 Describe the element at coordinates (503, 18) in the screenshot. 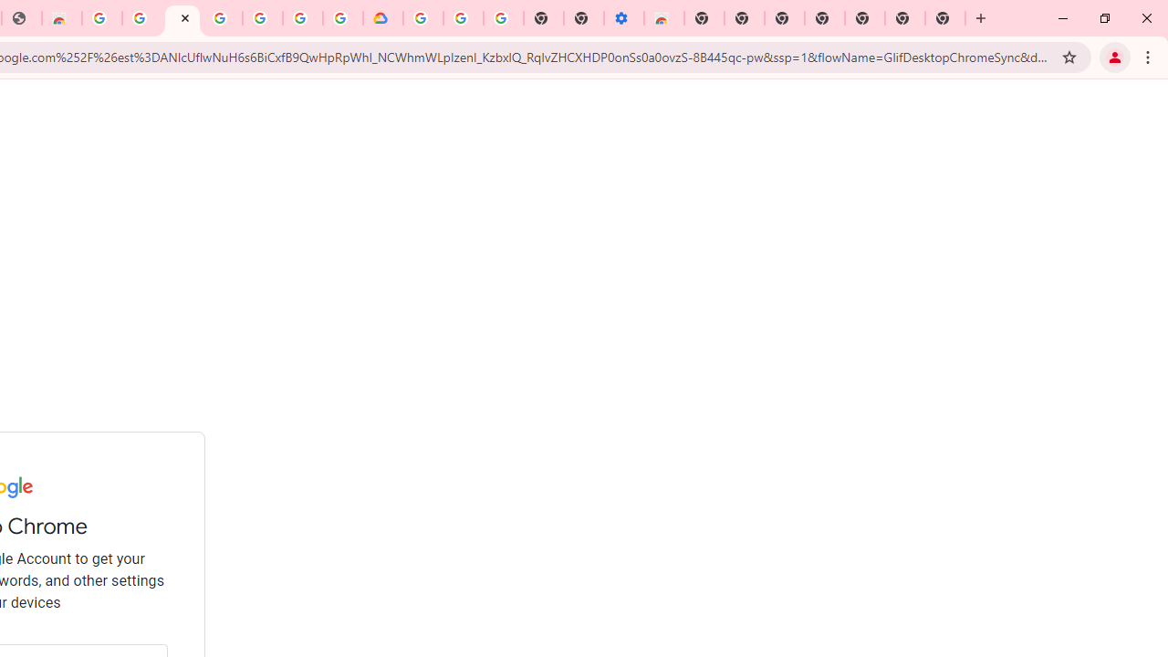

I see `'Turn cookies on or off - Computer - Google Account Help'` at that location.